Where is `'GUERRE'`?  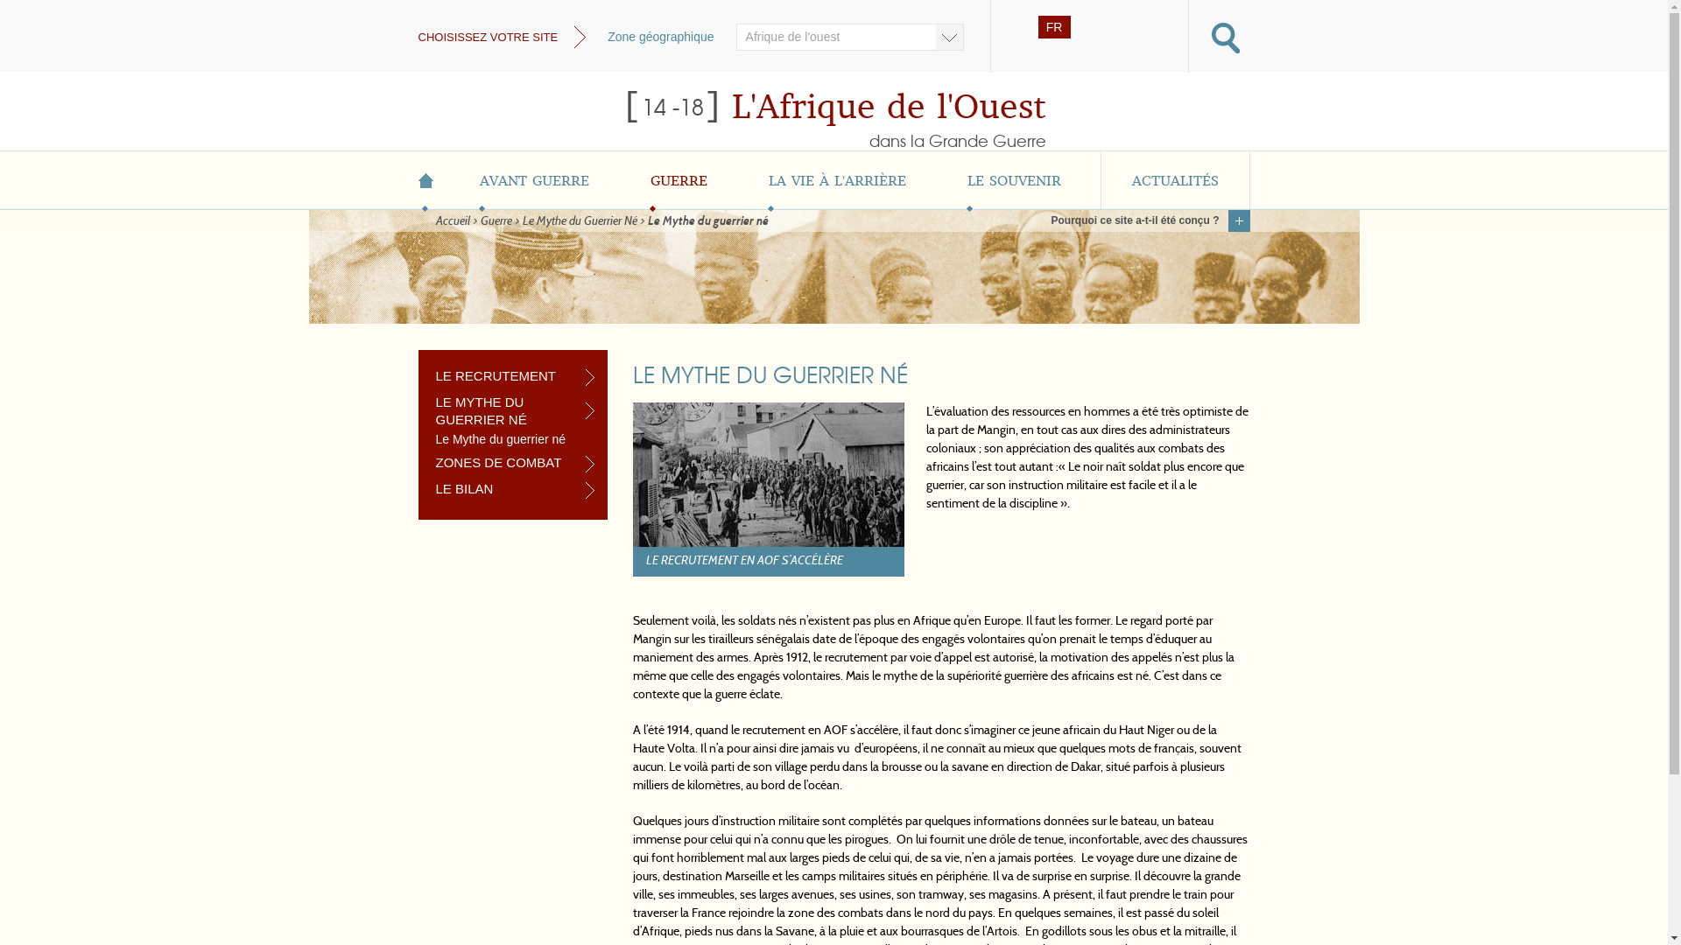 'GUERRE' is located at coordinates (620, 179).